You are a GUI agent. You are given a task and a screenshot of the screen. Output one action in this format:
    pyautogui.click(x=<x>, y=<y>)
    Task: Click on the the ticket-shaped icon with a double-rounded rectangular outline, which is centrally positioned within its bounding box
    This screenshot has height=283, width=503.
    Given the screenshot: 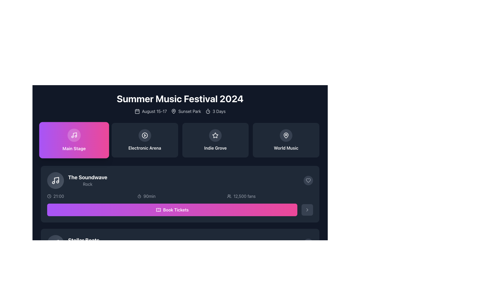 What is the action you would take?
    pyautogui.click(x=158, y=210)
    